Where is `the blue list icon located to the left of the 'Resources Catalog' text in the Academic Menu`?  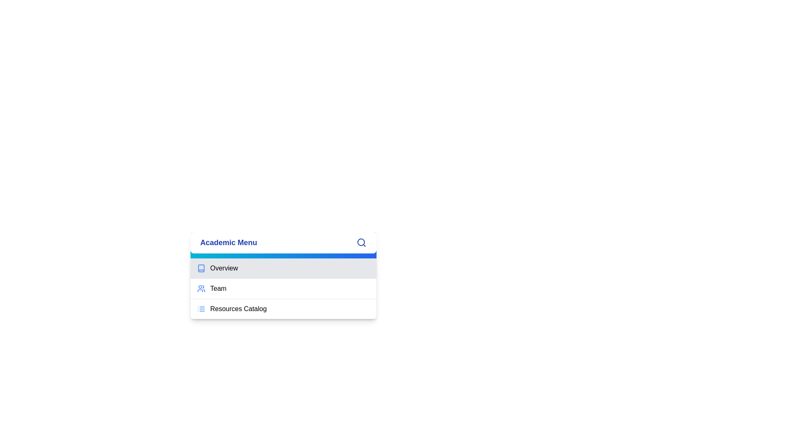
the blue list icon located to the left of the 'Resources Catalog' text in the Academic Menu is located at coordinates (201, 309).